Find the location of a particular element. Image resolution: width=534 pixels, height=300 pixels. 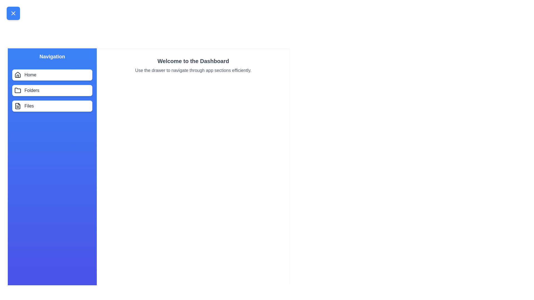

the menu item Folders is located at coordinates (52, 90).